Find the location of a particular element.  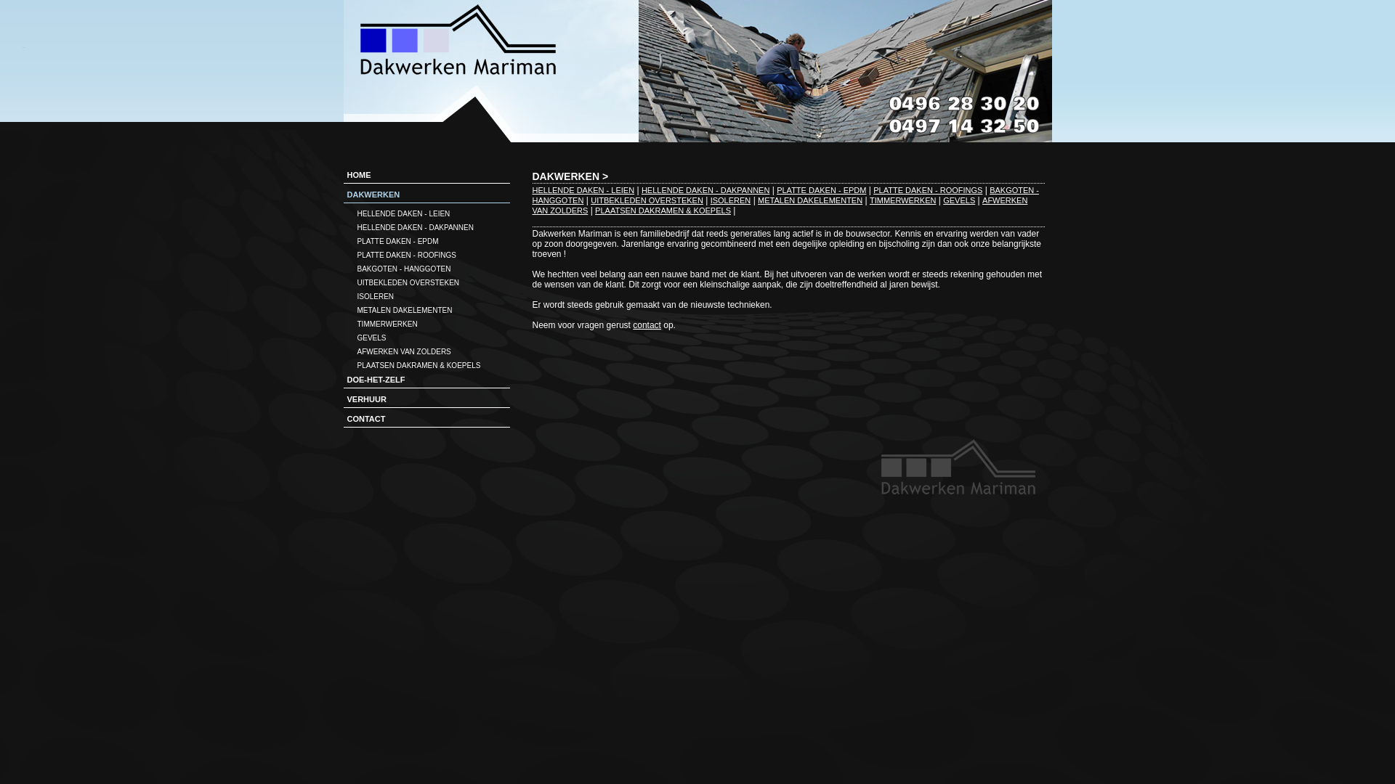

'contact' is located at coordinates (646, 324).